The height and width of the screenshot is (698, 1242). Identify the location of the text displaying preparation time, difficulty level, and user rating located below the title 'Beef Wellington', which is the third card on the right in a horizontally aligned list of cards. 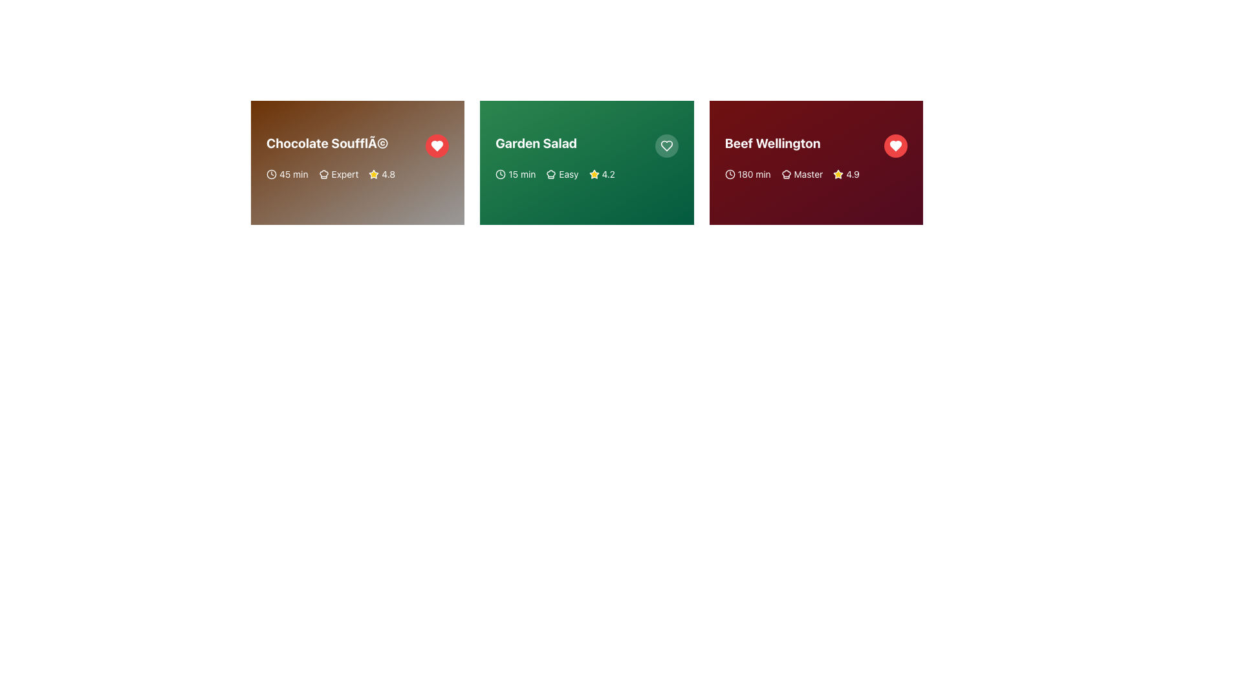
(815, 174).